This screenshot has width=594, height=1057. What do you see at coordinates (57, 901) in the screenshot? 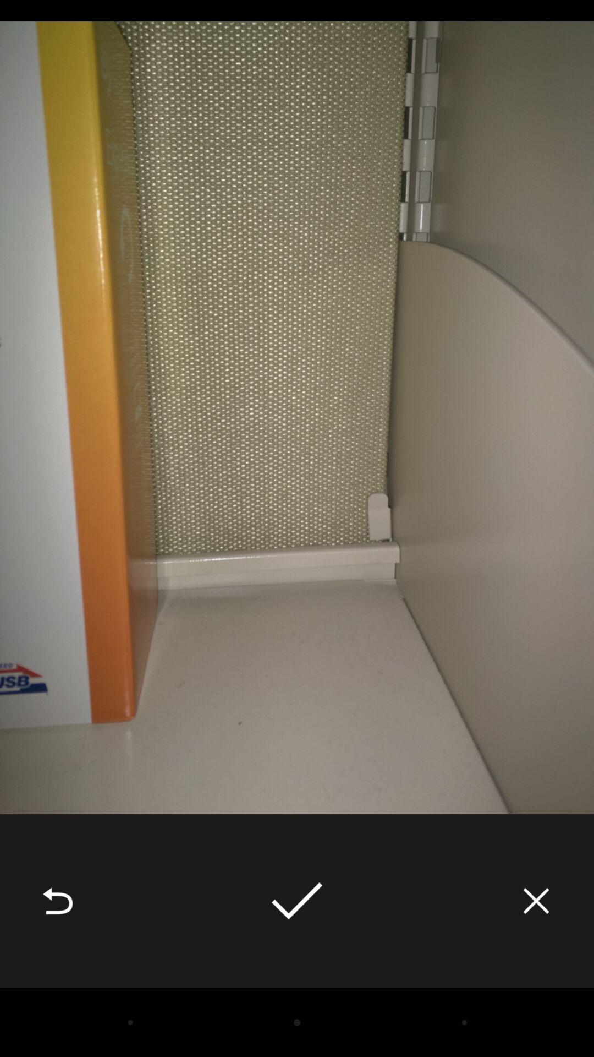
I see `item at the bottom left corner` at bounding box center [57, 901].